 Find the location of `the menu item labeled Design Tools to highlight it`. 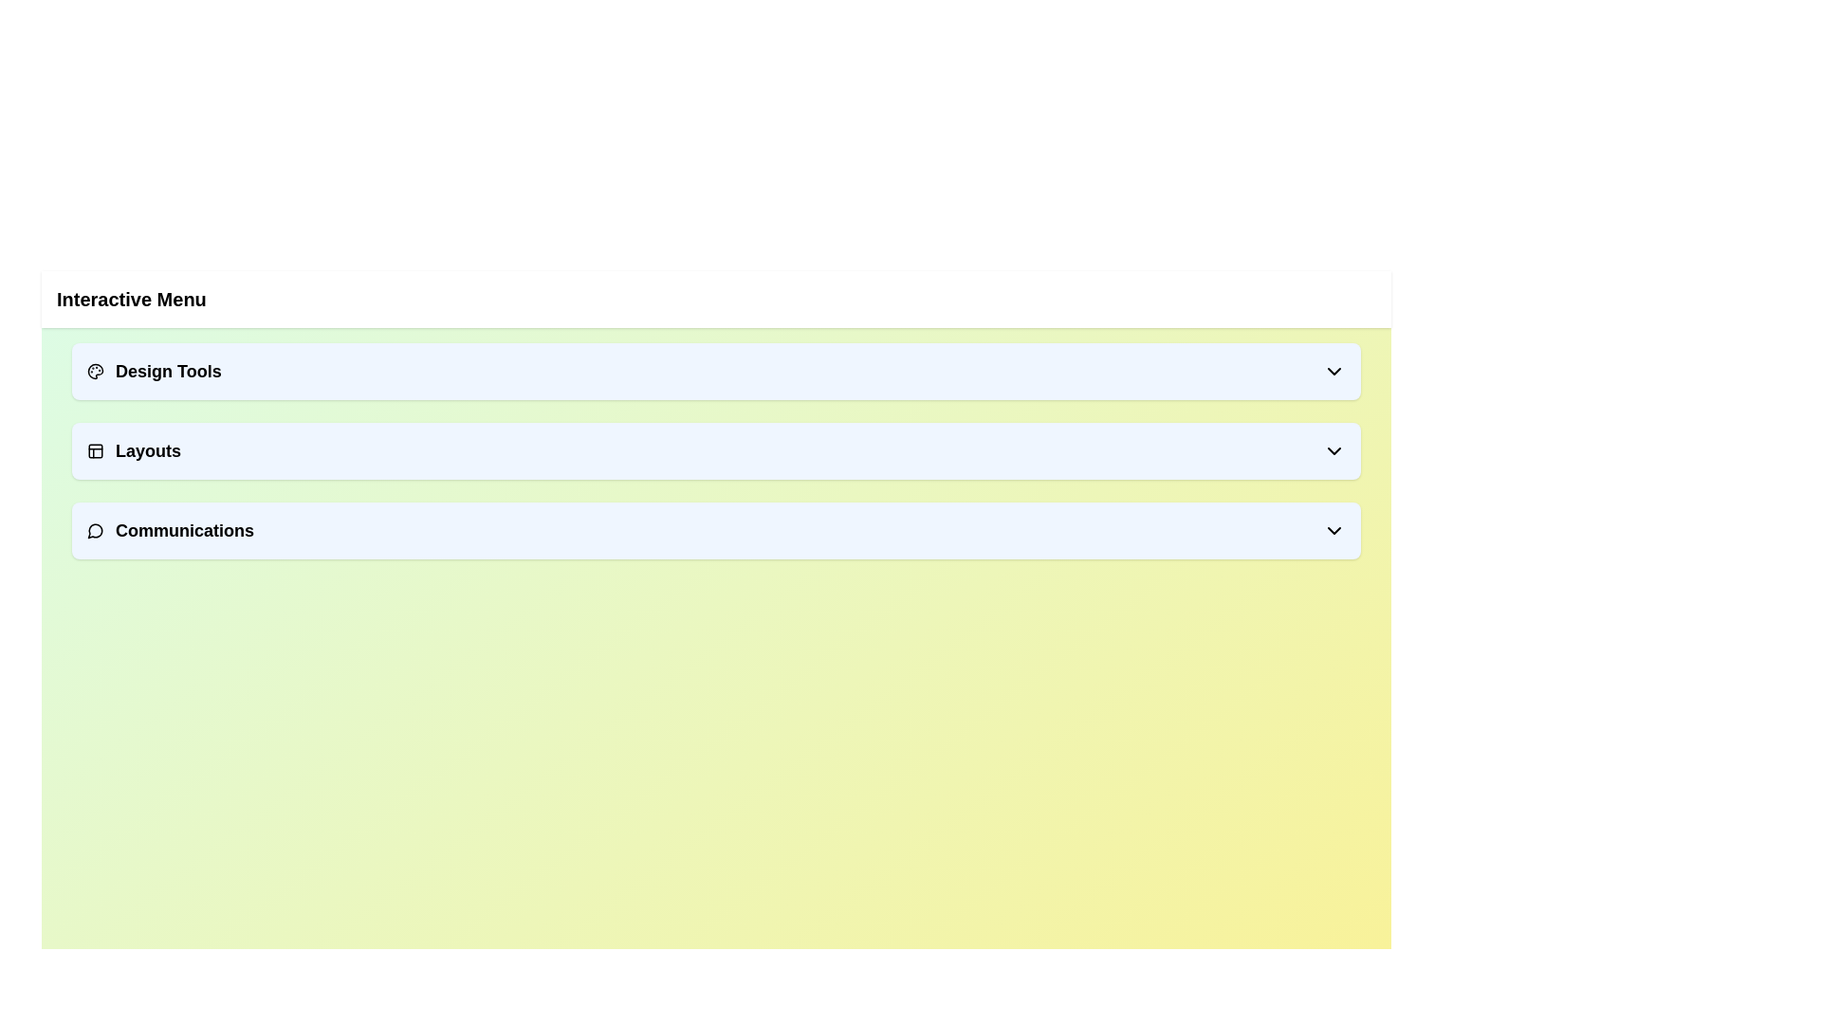

the menu item labeled Design Tools to highlight it is located at coordinates (715, 372).